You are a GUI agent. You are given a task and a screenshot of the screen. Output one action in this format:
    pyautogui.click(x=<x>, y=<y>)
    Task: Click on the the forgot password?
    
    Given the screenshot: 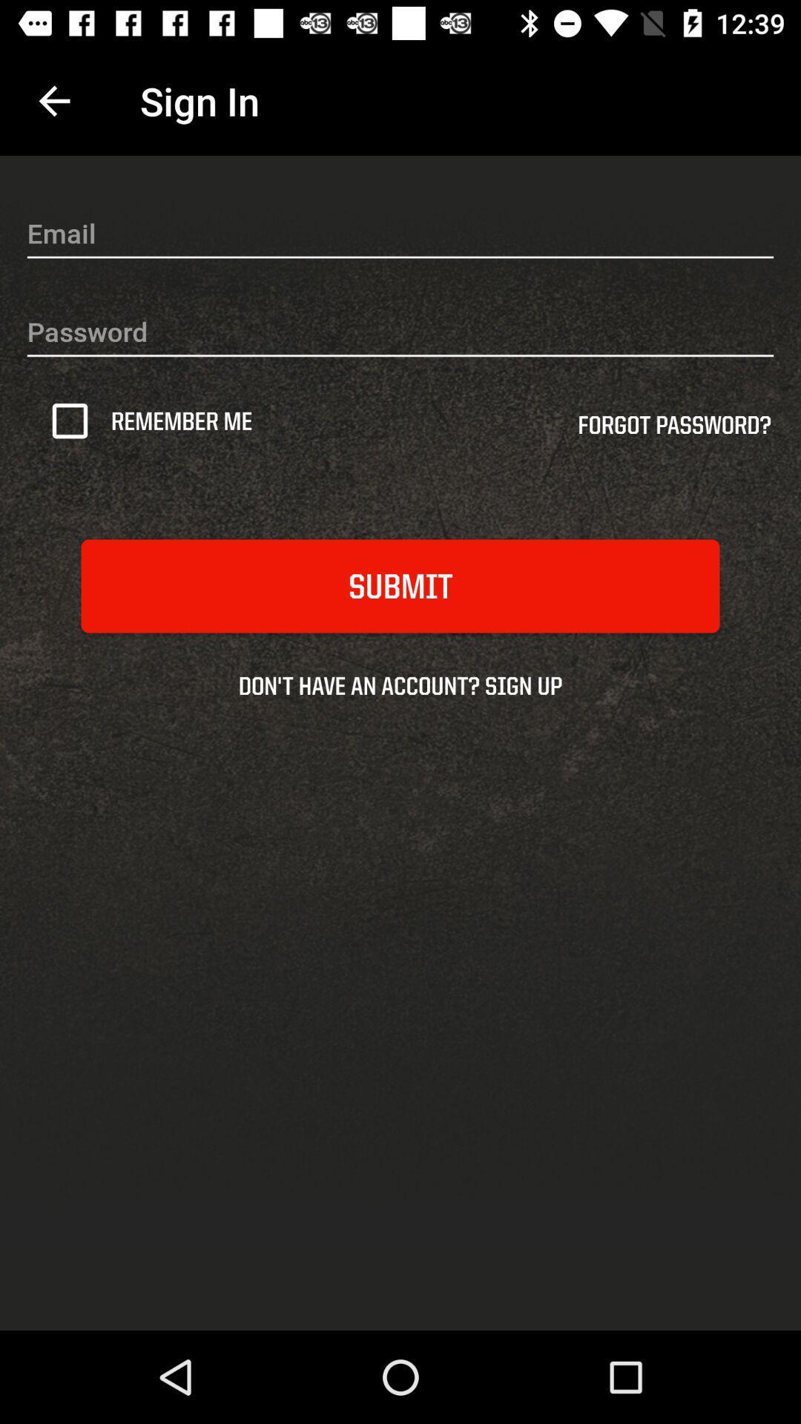 What is the action you would take?
    pyautogui.click(x=674, y=429)
    